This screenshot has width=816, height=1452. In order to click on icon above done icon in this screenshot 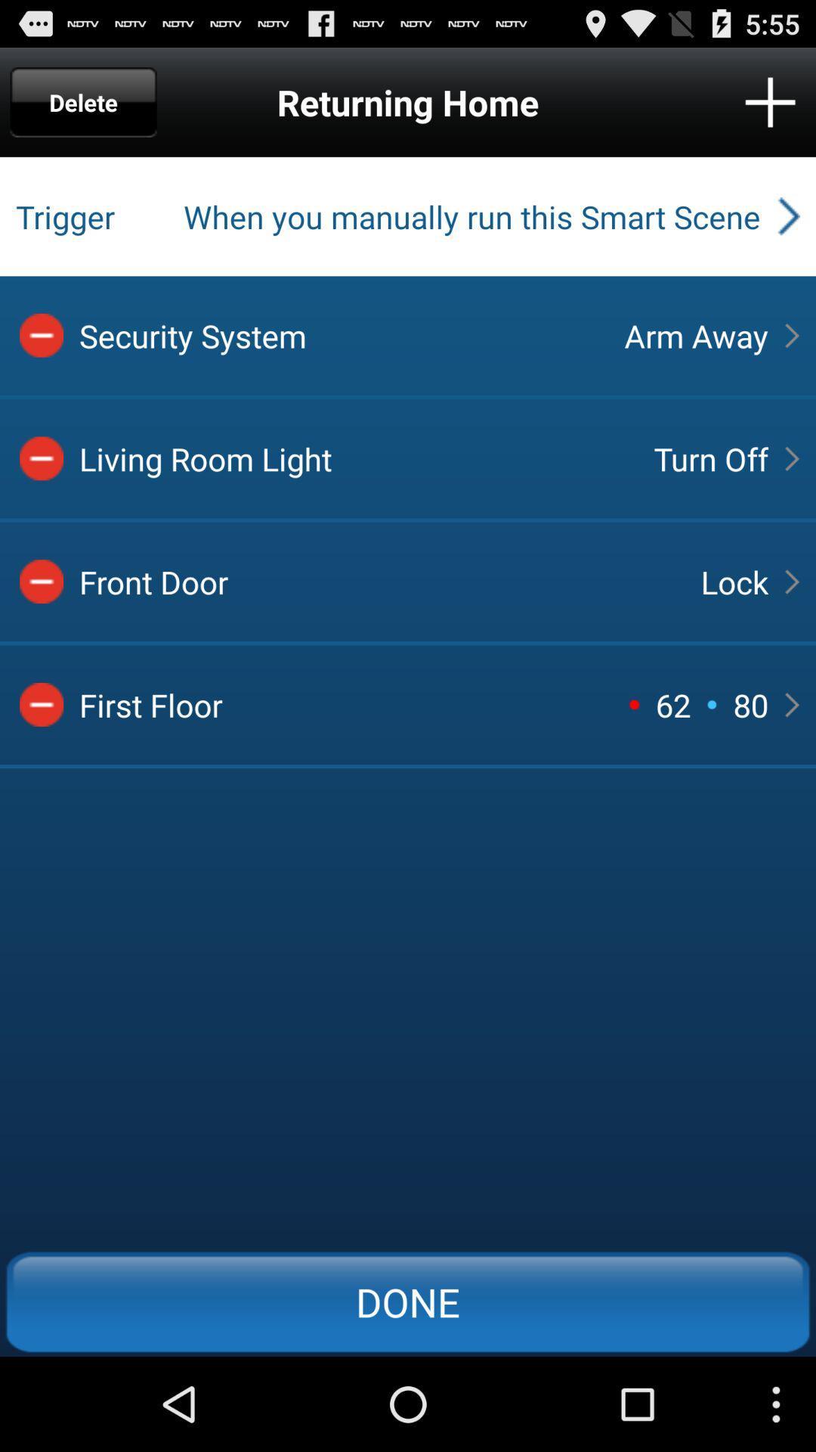, I will do `click(712, 703)`.